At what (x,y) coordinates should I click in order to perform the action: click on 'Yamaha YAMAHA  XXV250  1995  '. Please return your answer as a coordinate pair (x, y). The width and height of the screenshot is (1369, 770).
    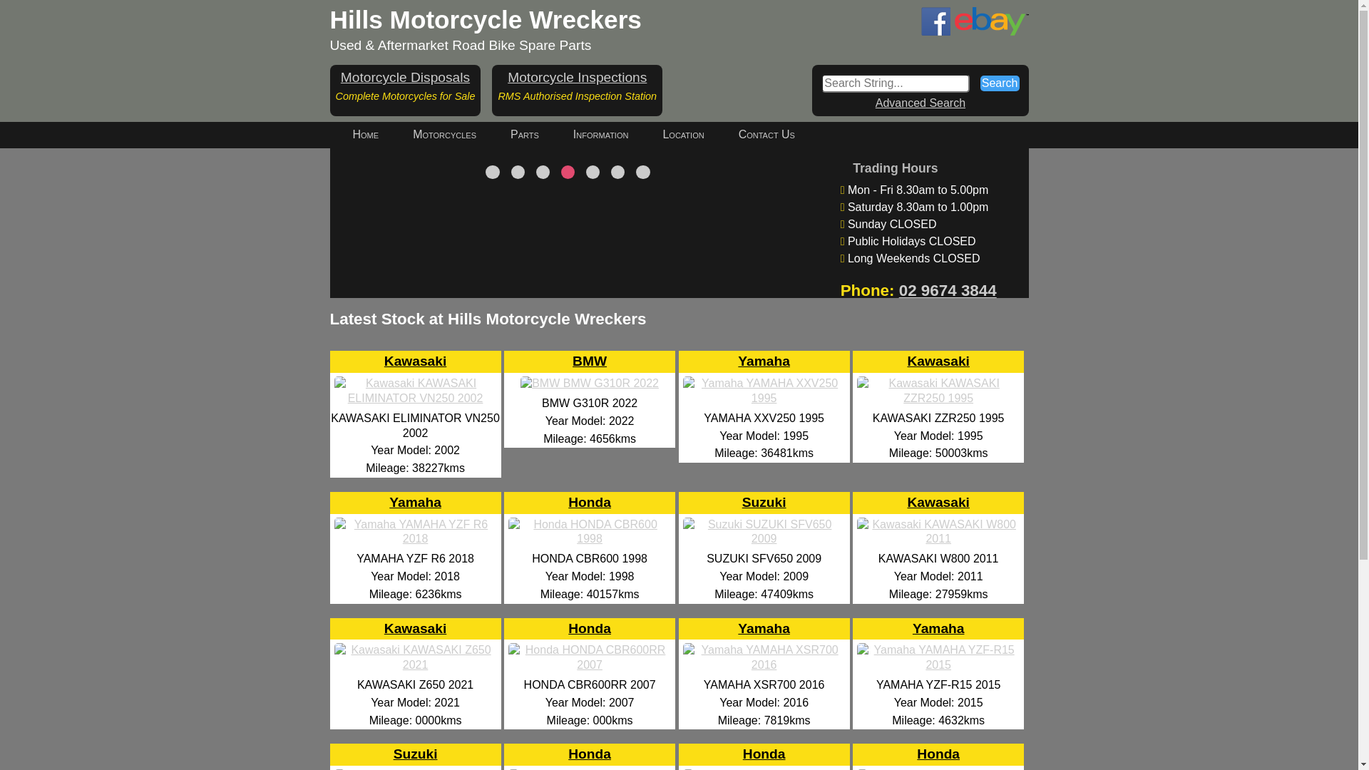
    Looking at the image, I should click on (763, 398).